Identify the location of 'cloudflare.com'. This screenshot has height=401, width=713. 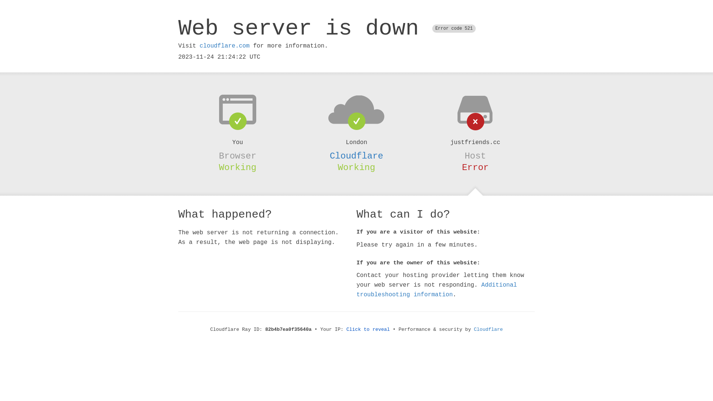
(224, 46).